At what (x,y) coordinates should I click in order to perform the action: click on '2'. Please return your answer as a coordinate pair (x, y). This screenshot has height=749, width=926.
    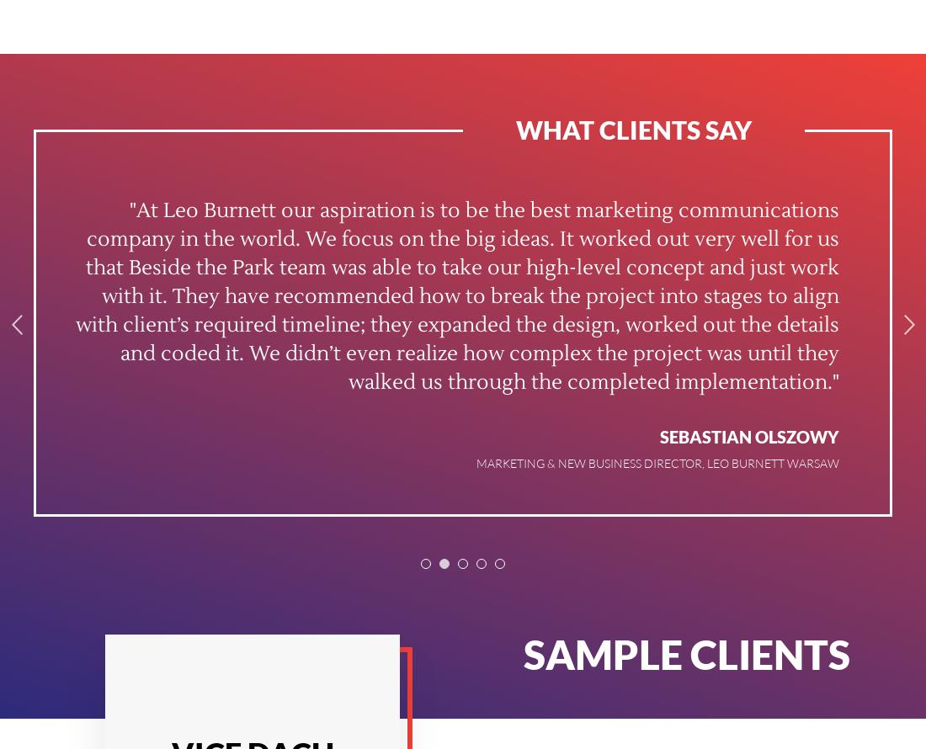
    Looking at the image, I should click on (444, 565).